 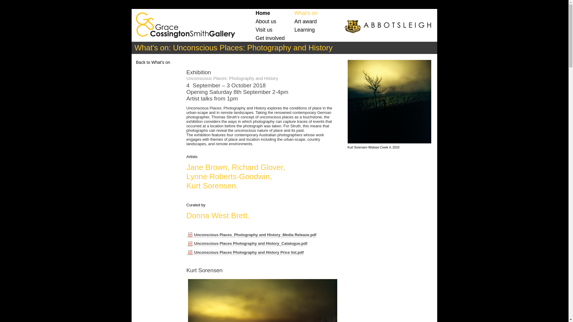 What do you see at coordinates (270, 38) in the screenshot?
I see `'Get involved'` at bounding box center [270, 38].